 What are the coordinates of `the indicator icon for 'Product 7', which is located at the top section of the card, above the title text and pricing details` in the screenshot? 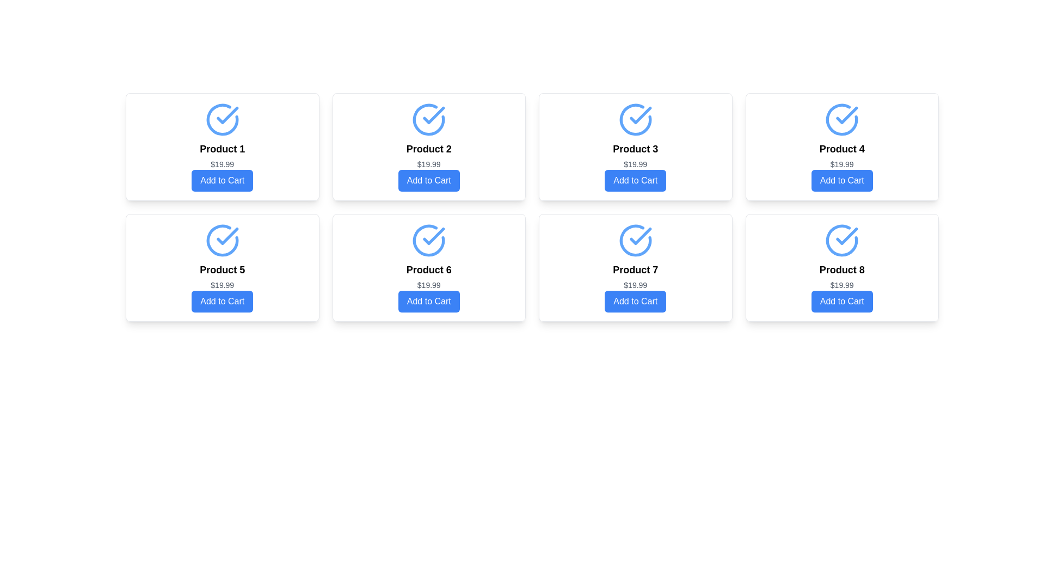 It's located at (635, 240).